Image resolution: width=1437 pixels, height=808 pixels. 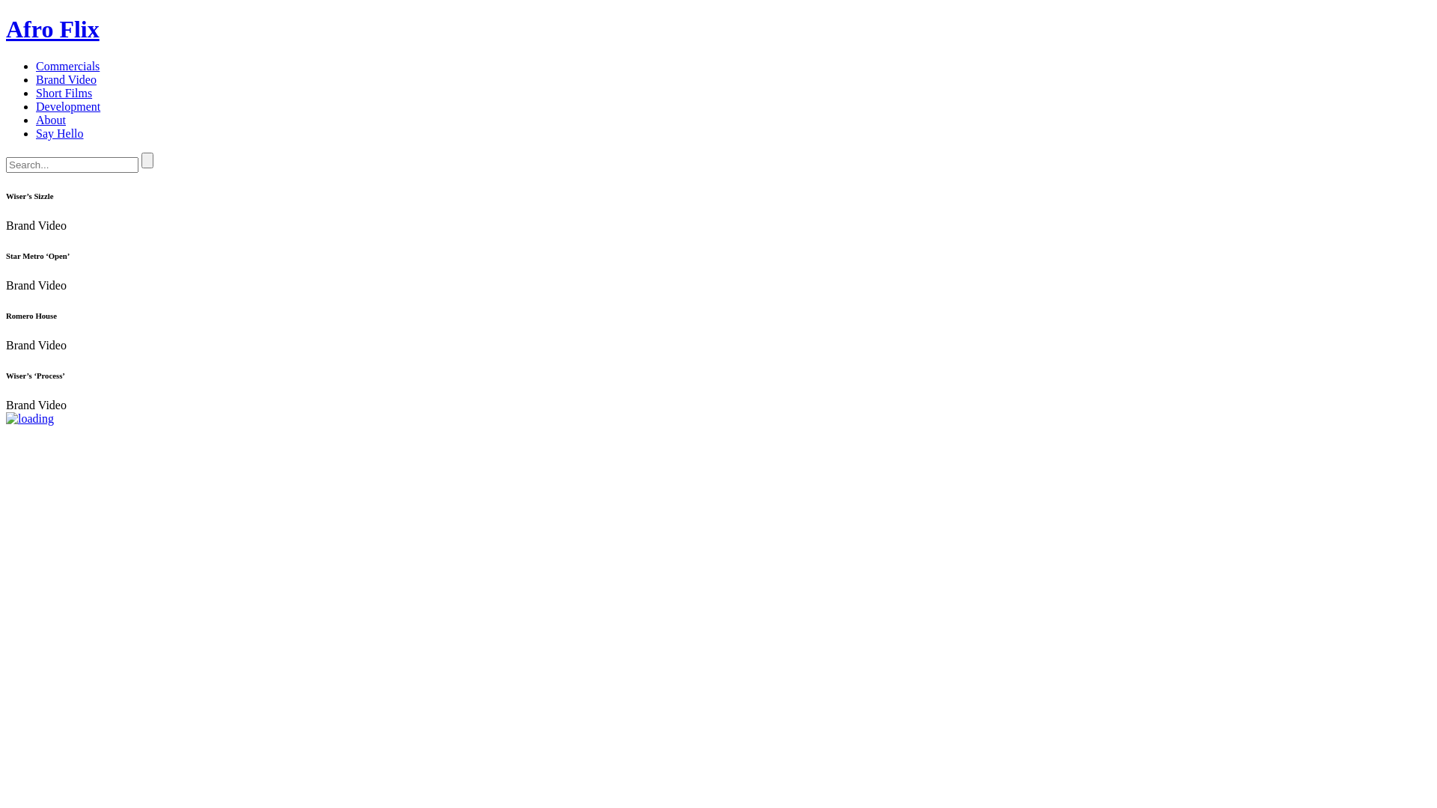 What do you see at coordinates (67, 105) in the screenshot?
I see `'Development'` at bounding box center [67, 105].